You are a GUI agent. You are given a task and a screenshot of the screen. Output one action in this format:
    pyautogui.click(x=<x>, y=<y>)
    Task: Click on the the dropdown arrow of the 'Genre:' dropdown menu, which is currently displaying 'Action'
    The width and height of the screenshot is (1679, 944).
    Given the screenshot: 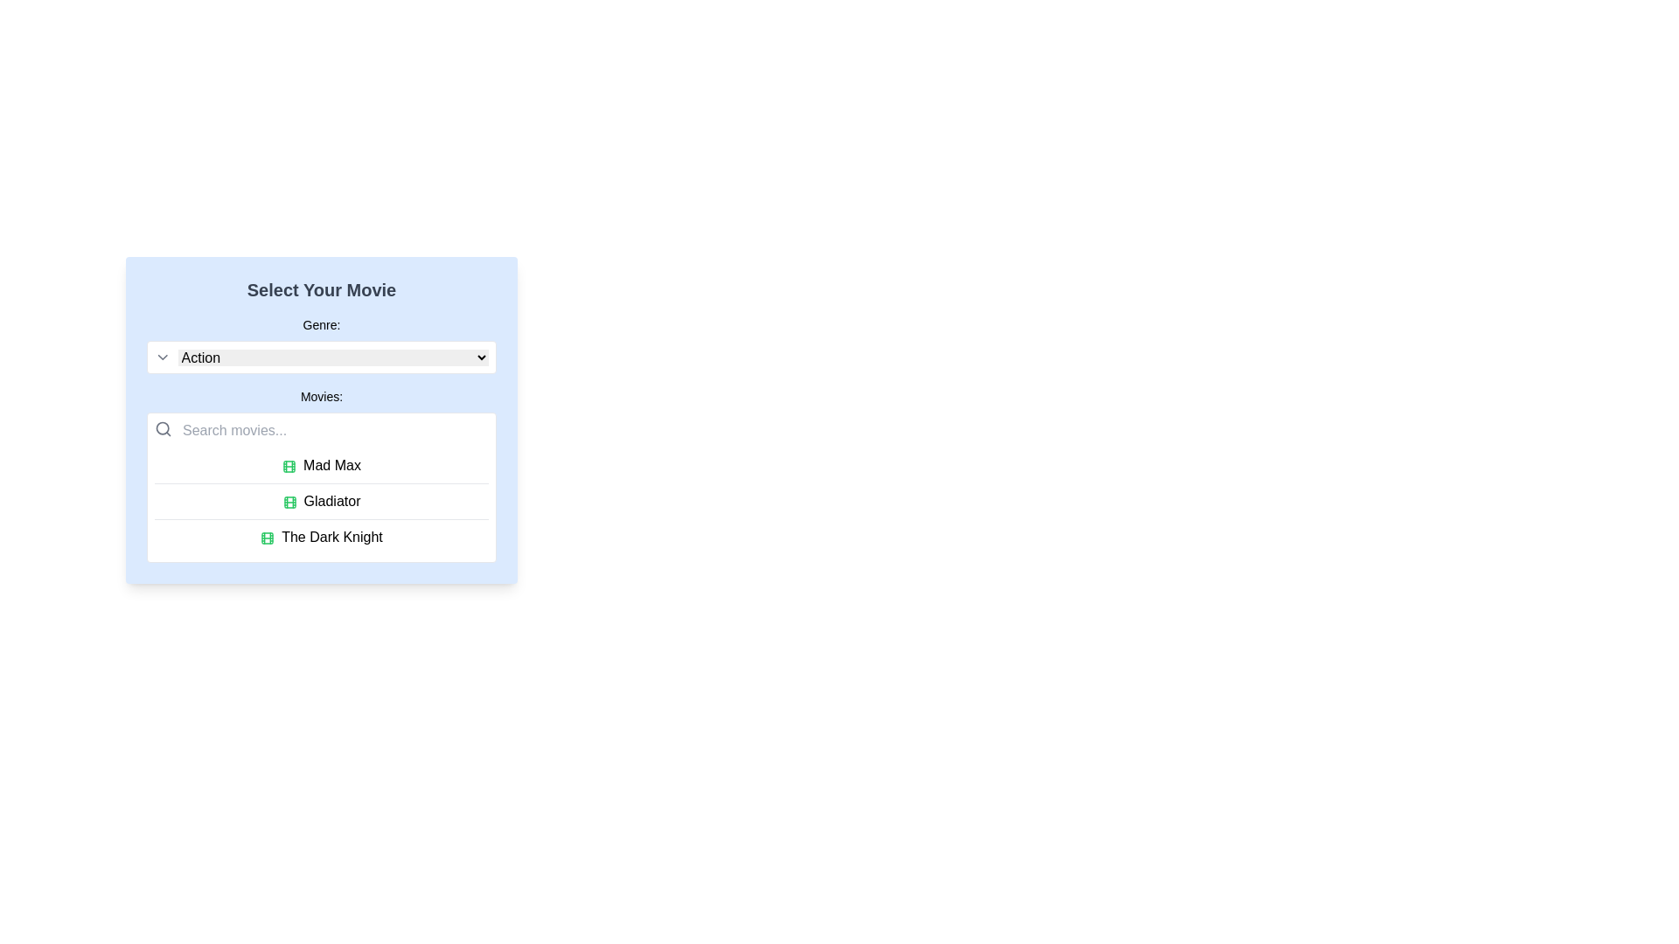 What is the action you would take?
    pyautogui.click(x=322, y=344)
    